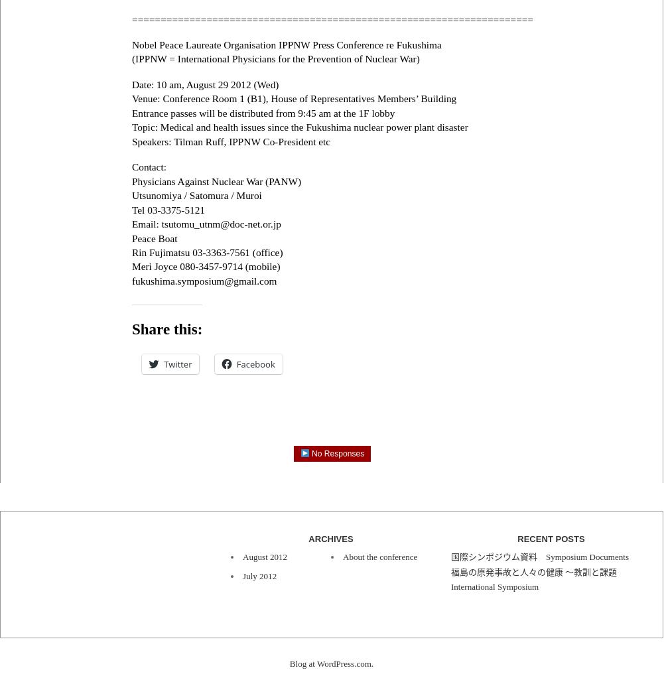 The height and width of the screenshot is (688, 664). I want to click on 'Utsunomiya / Satomura / Muroi', so click(131, 194).